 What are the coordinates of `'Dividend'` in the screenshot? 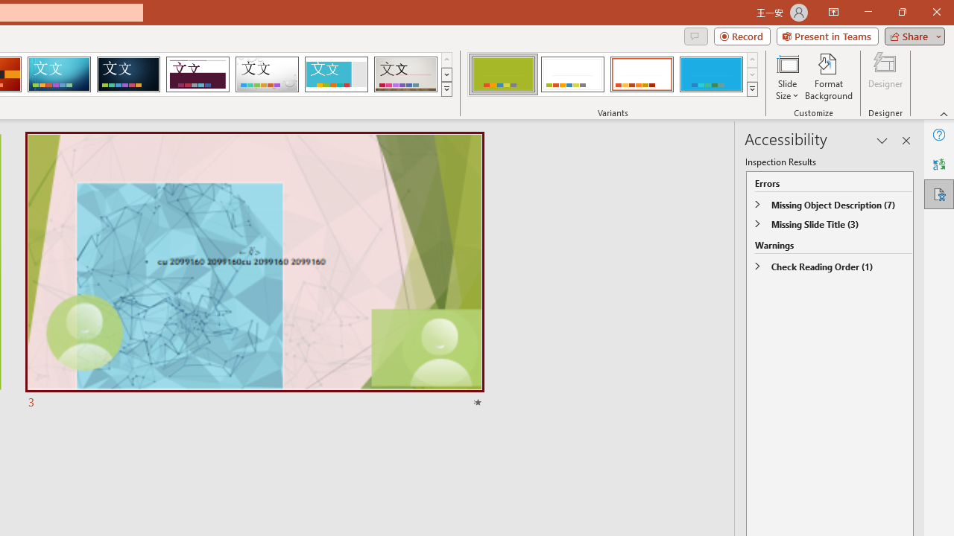 It's located at (197, 74).